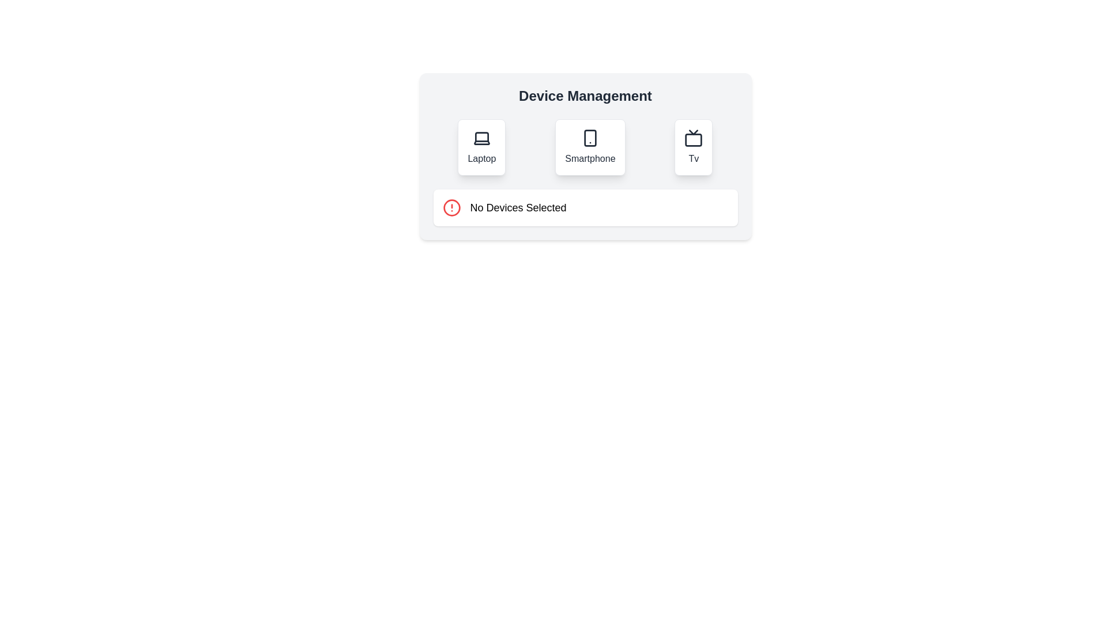 The width and height of the screenshot is (1107, 622). What do you see at coordinates (590, 159) in the screenshot?
I see `the 'Smartphone' text label, which is centered below a smartphone icon in a rounded rectangular card within the 'Device Management' panel` at bounding box center [590, 159].